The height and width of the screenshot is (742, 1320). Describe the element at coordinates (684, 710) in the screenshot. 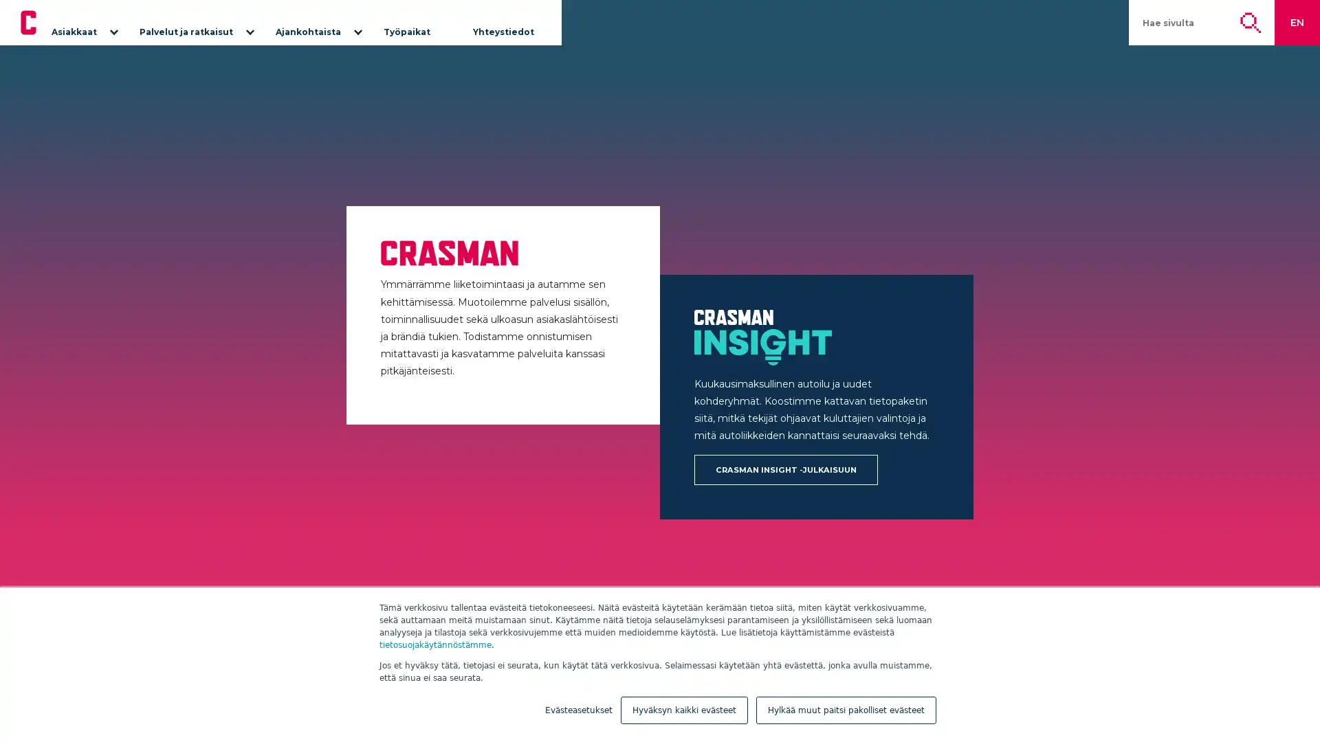

I see `Hyvaksyn kaikki evasteet` at that location.